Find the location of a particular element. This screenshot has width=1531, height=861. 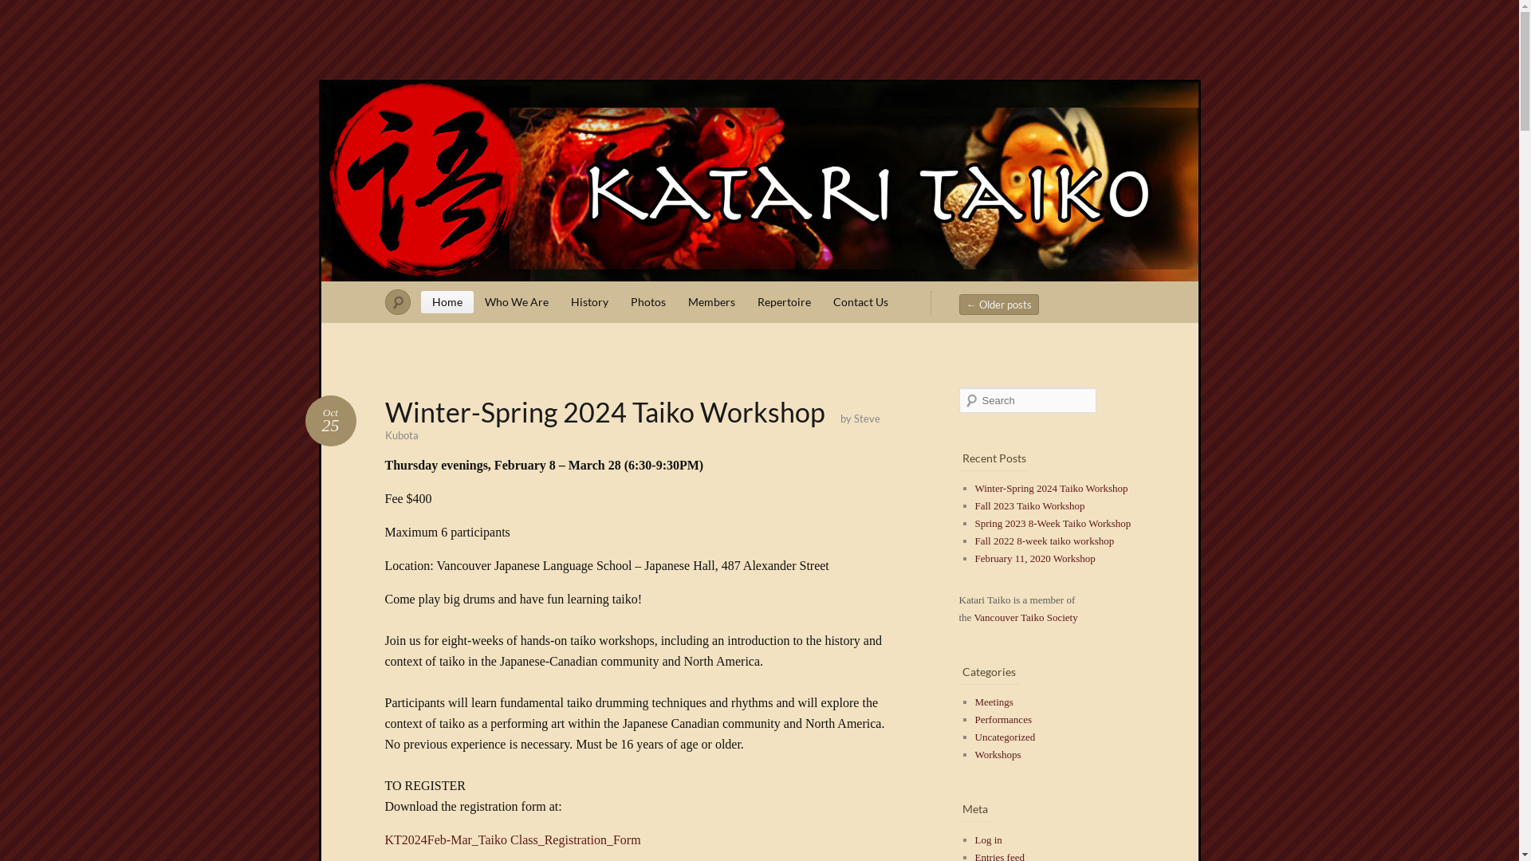

'Home' is located at coordinates (447, 301).